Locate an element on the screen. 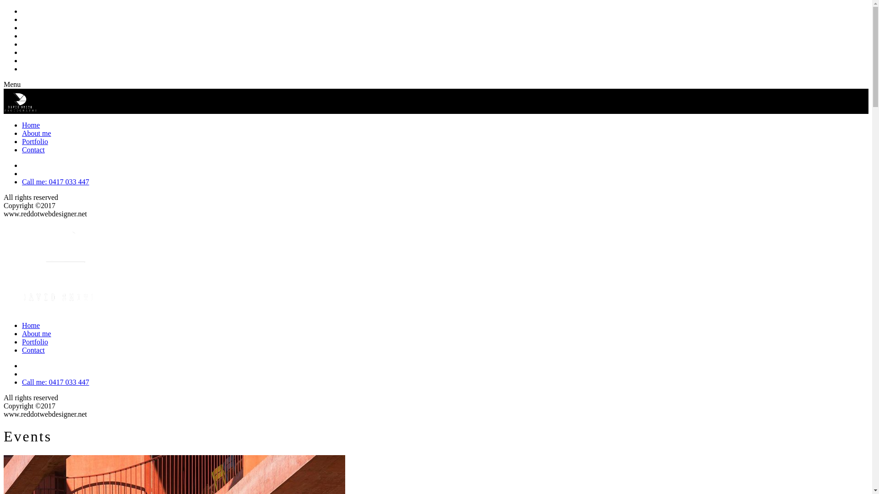  'Portfolio' is located at coordinates (35, 342).